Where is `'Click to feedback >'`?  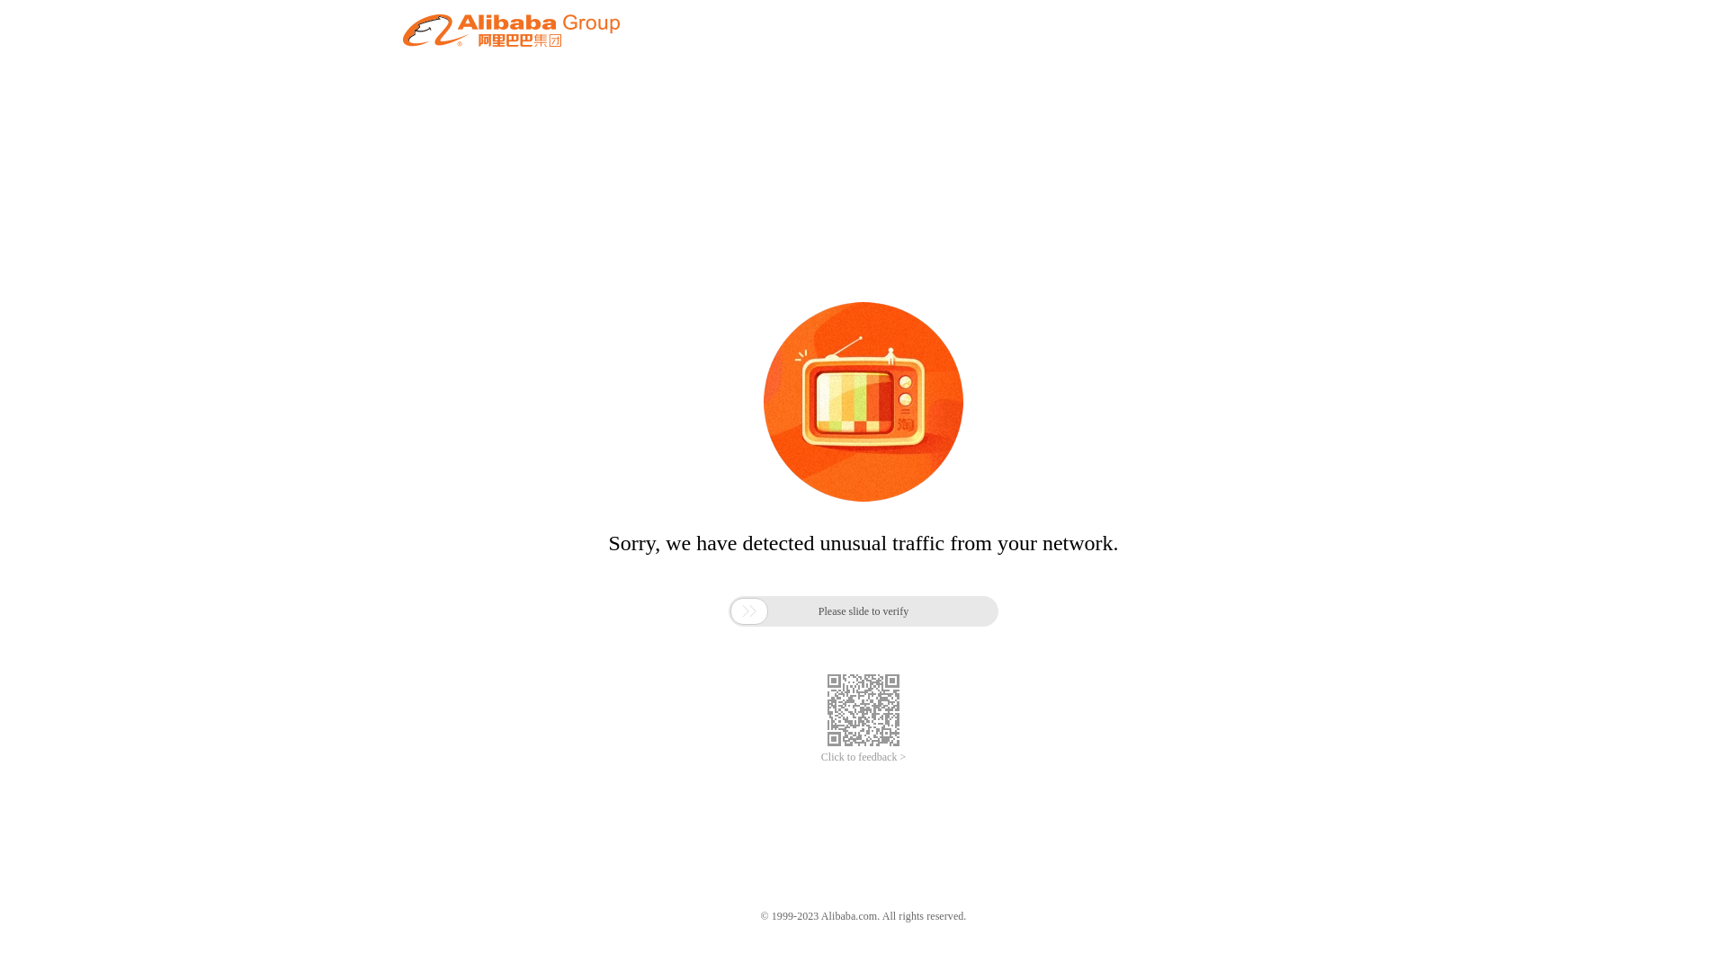
'Click to feedback >' is located at coordinates (863, 757).